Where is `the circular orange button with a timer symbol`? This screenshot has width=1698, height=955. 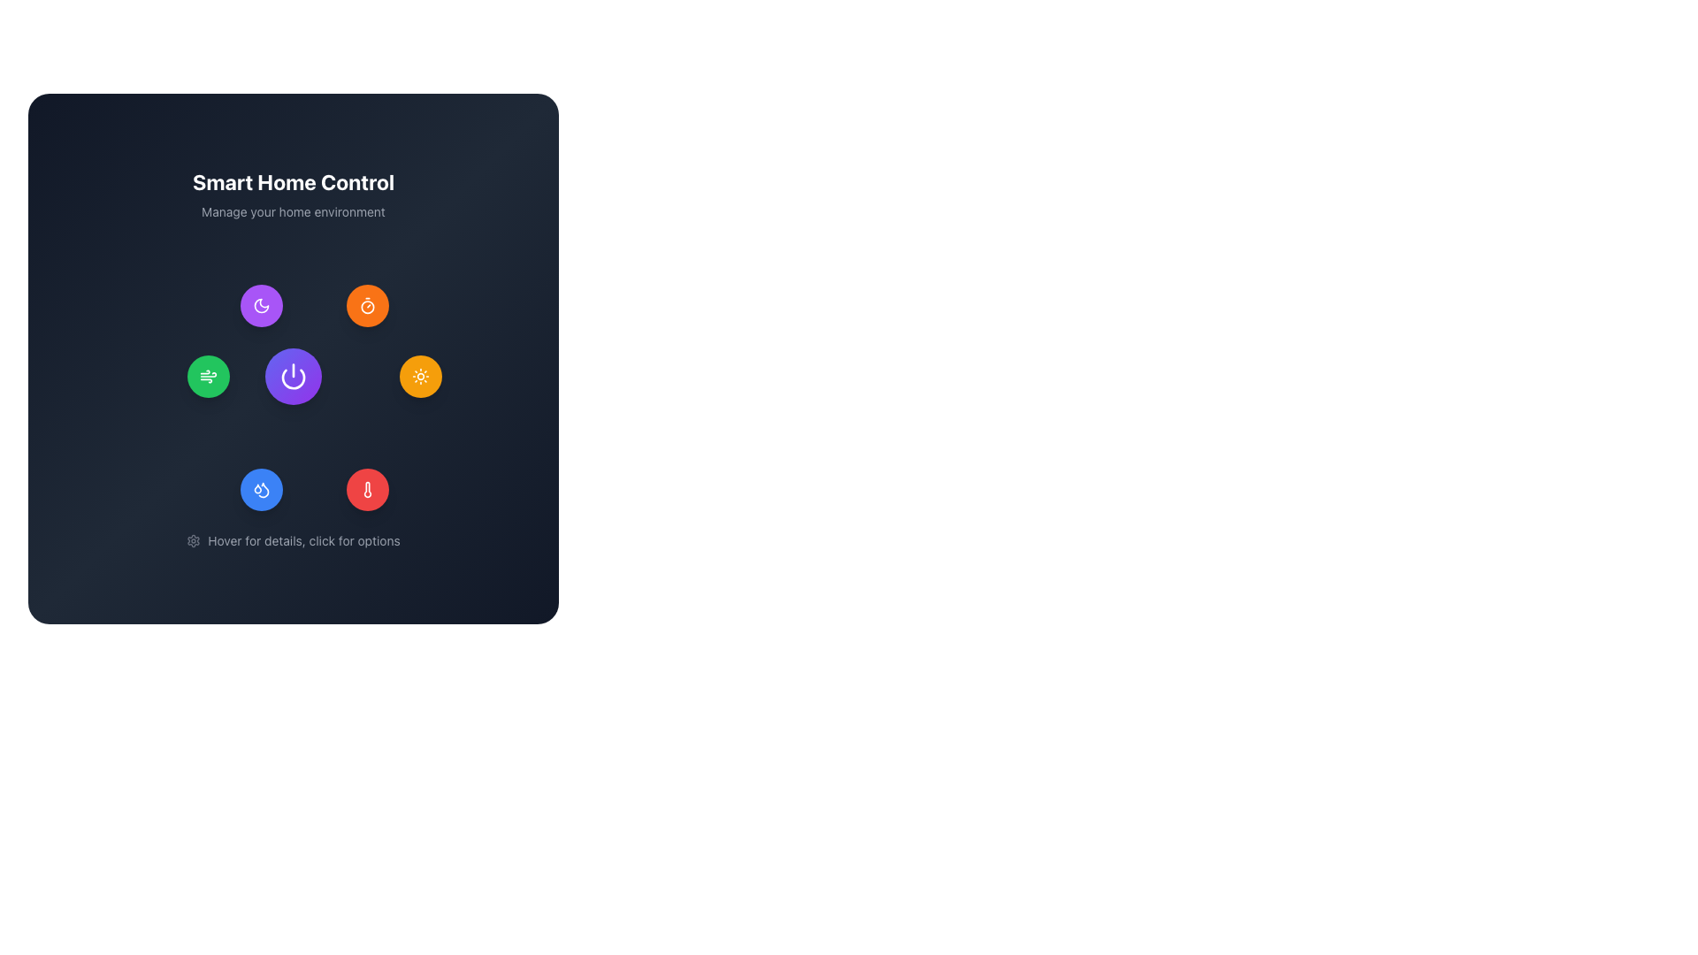
the circular orange button with a timer symbol is located at coordinates (367, 305).